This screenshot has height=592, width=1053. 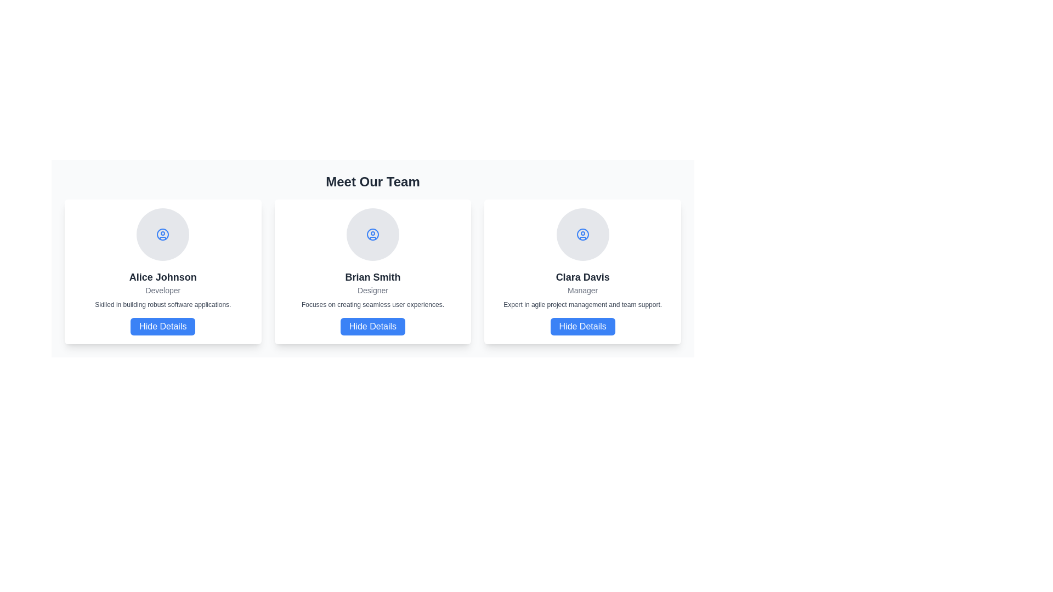 I want to click on the circular profile icon on the Profile card for Alice Johnson, which is the first card in the grid layout, so click(x=162, y=271).